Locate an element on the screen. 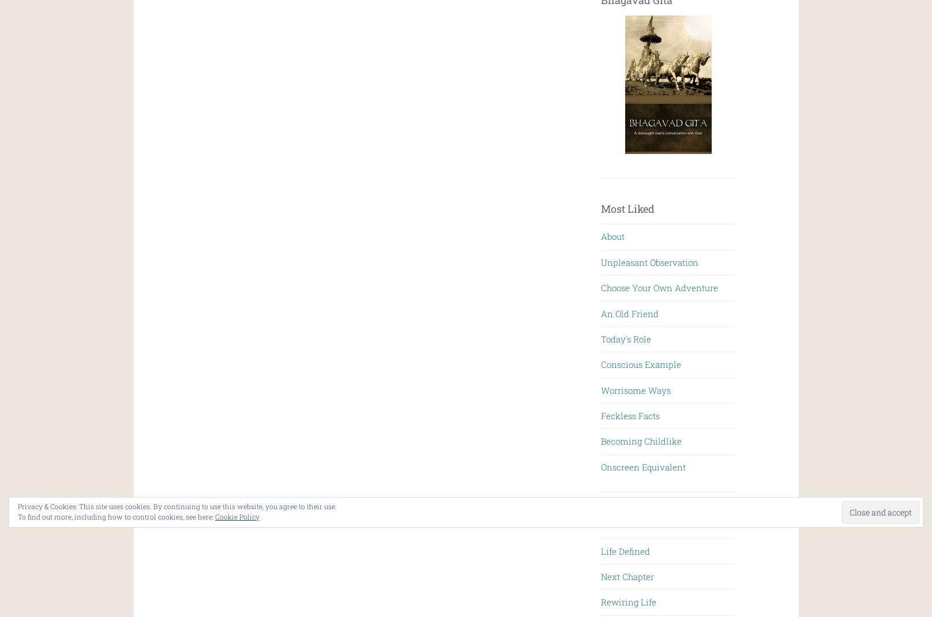 This screenshot has height=617, width=932. 'Life Defined' is located at coordinates (600, 550).